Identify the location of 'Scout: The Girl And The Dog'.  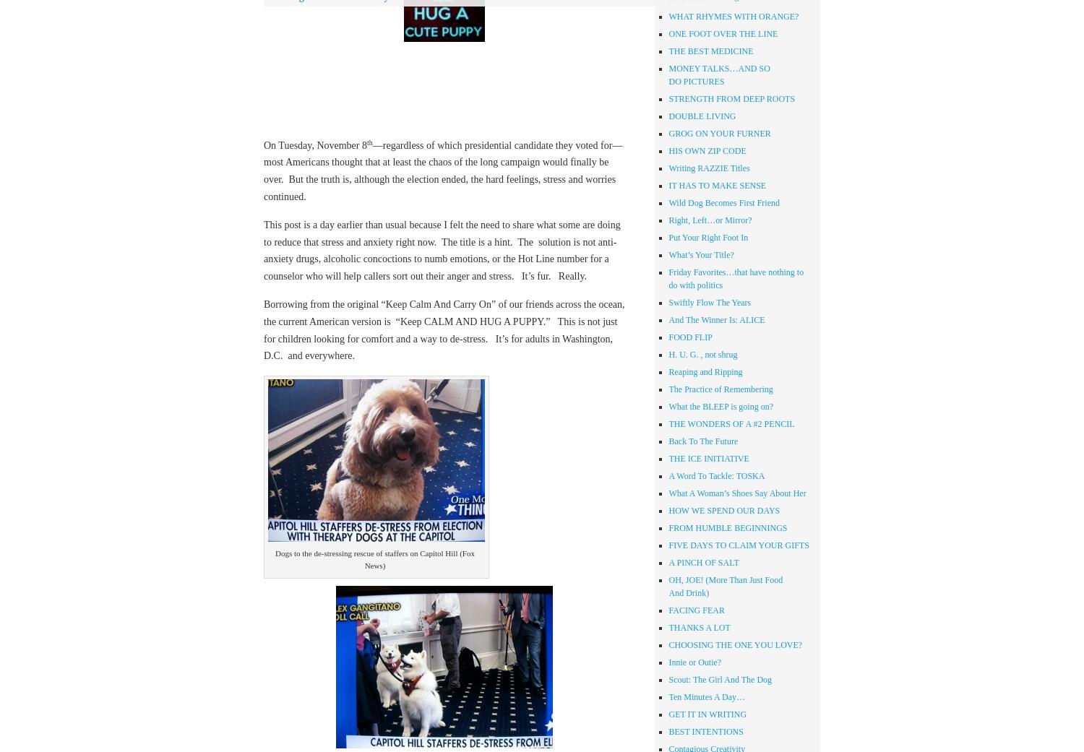
(668, 679).